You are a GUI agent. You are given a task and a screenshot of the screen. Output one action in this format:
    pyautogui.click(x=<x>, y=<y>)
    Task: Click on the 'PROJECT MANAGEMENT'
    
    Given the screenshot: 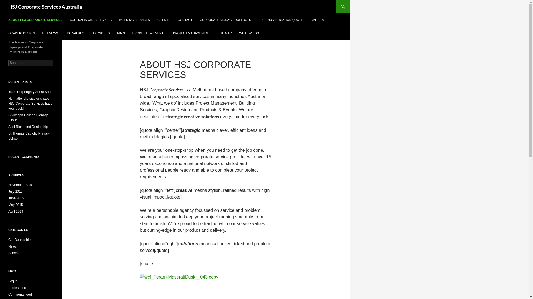 What is the action you would take?
    pyautogui.click(x=191, y=33)
    